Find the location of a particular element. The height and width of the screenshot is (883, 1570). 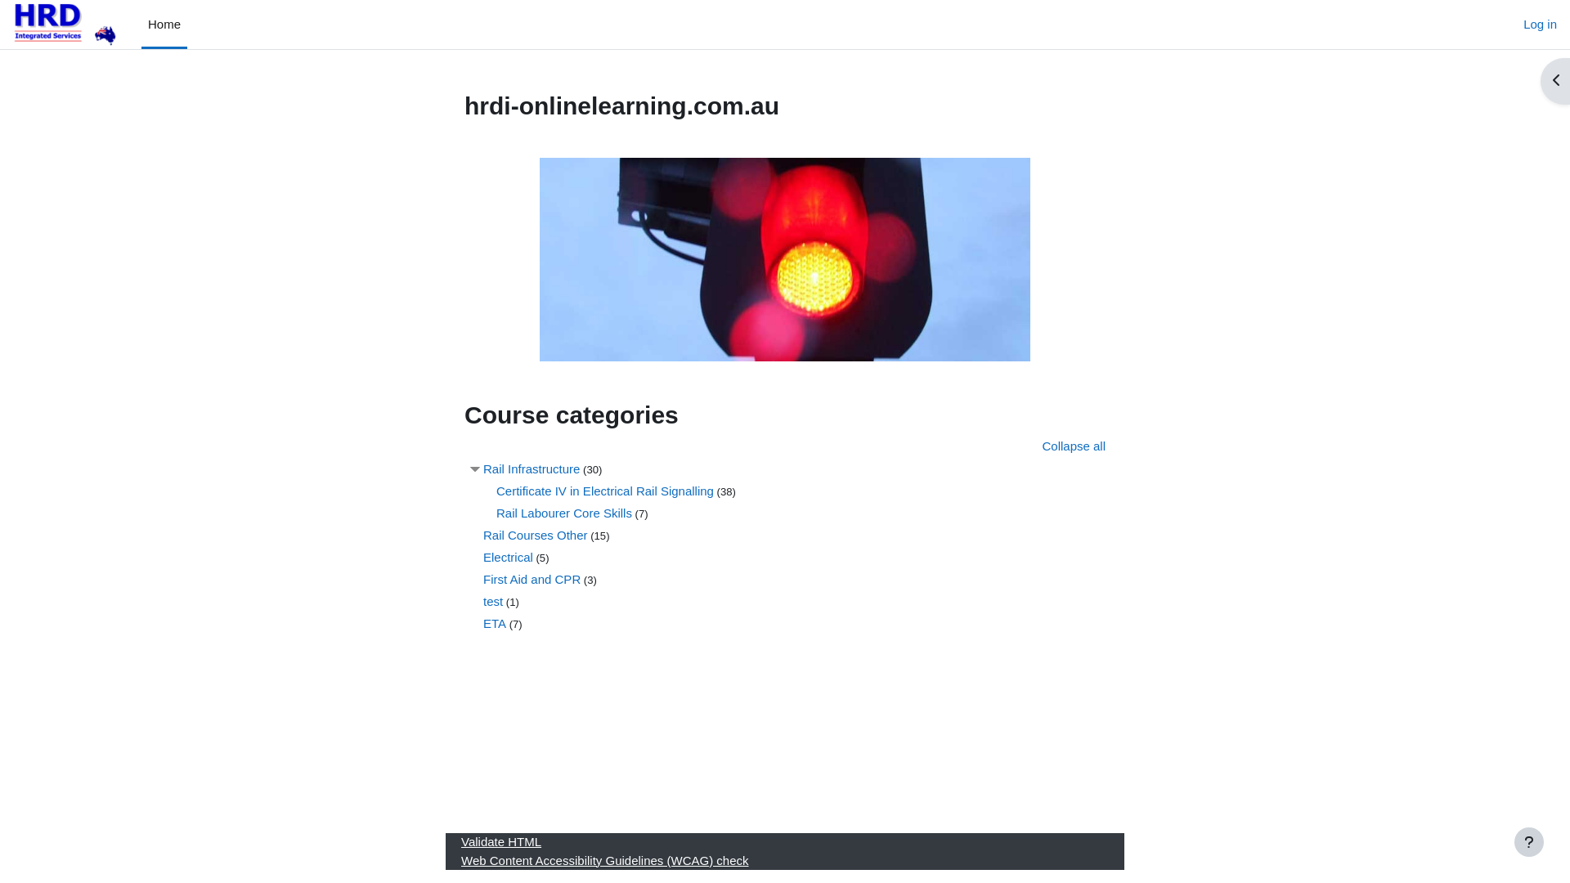

'Rail Labourer Core Skills' is located at coordinates (495, 511).